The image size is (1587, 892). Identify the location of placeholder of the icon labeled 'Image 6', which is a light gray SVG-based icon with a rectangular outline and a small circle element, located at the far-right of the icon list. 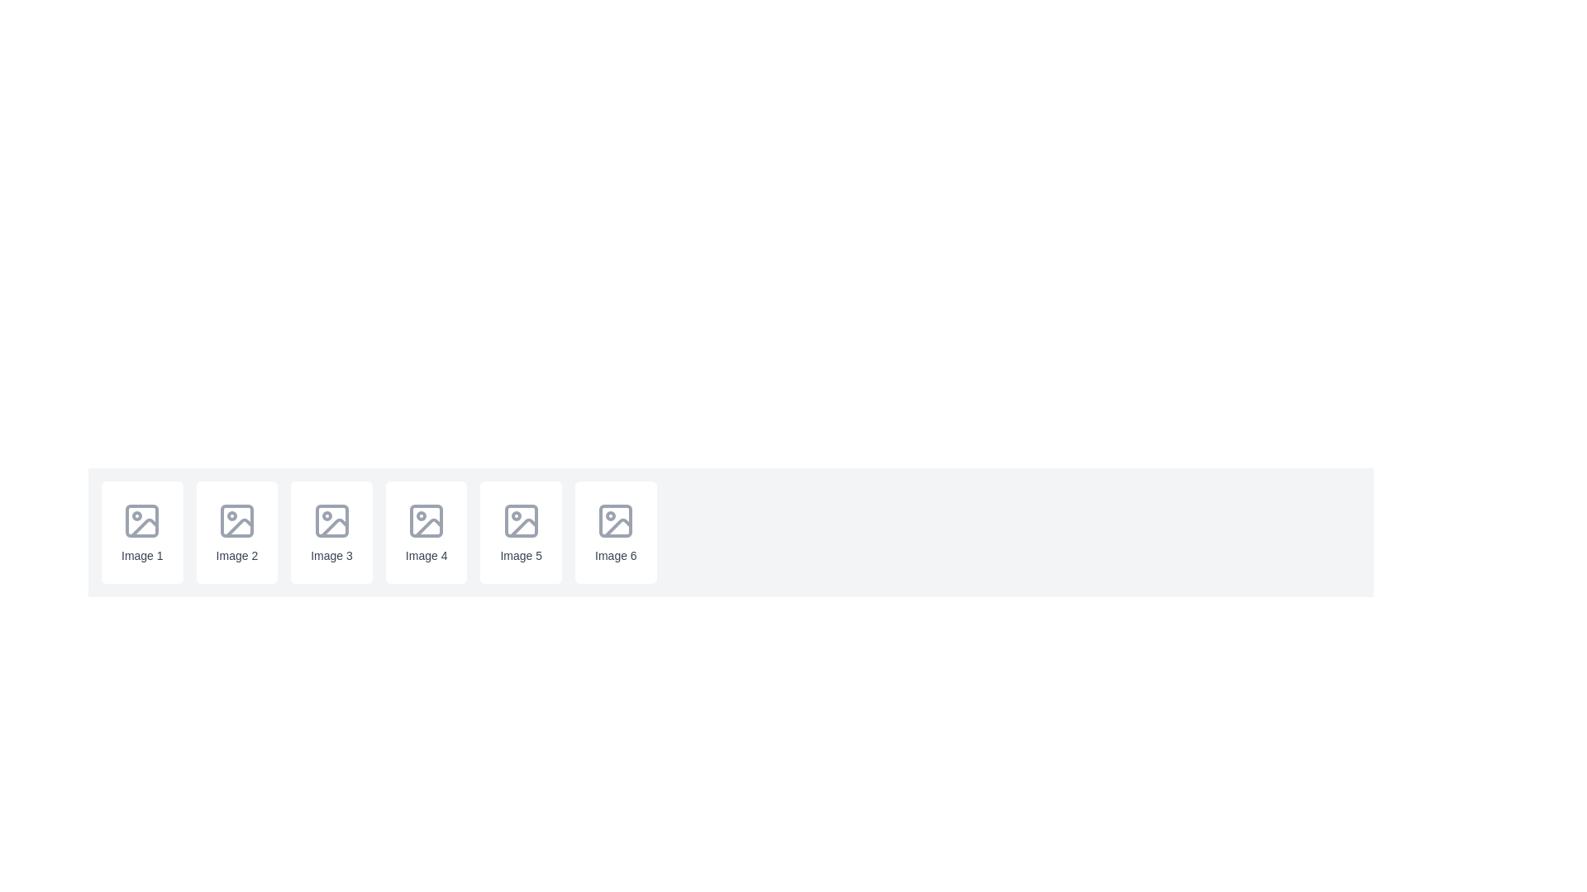
(615, 521).